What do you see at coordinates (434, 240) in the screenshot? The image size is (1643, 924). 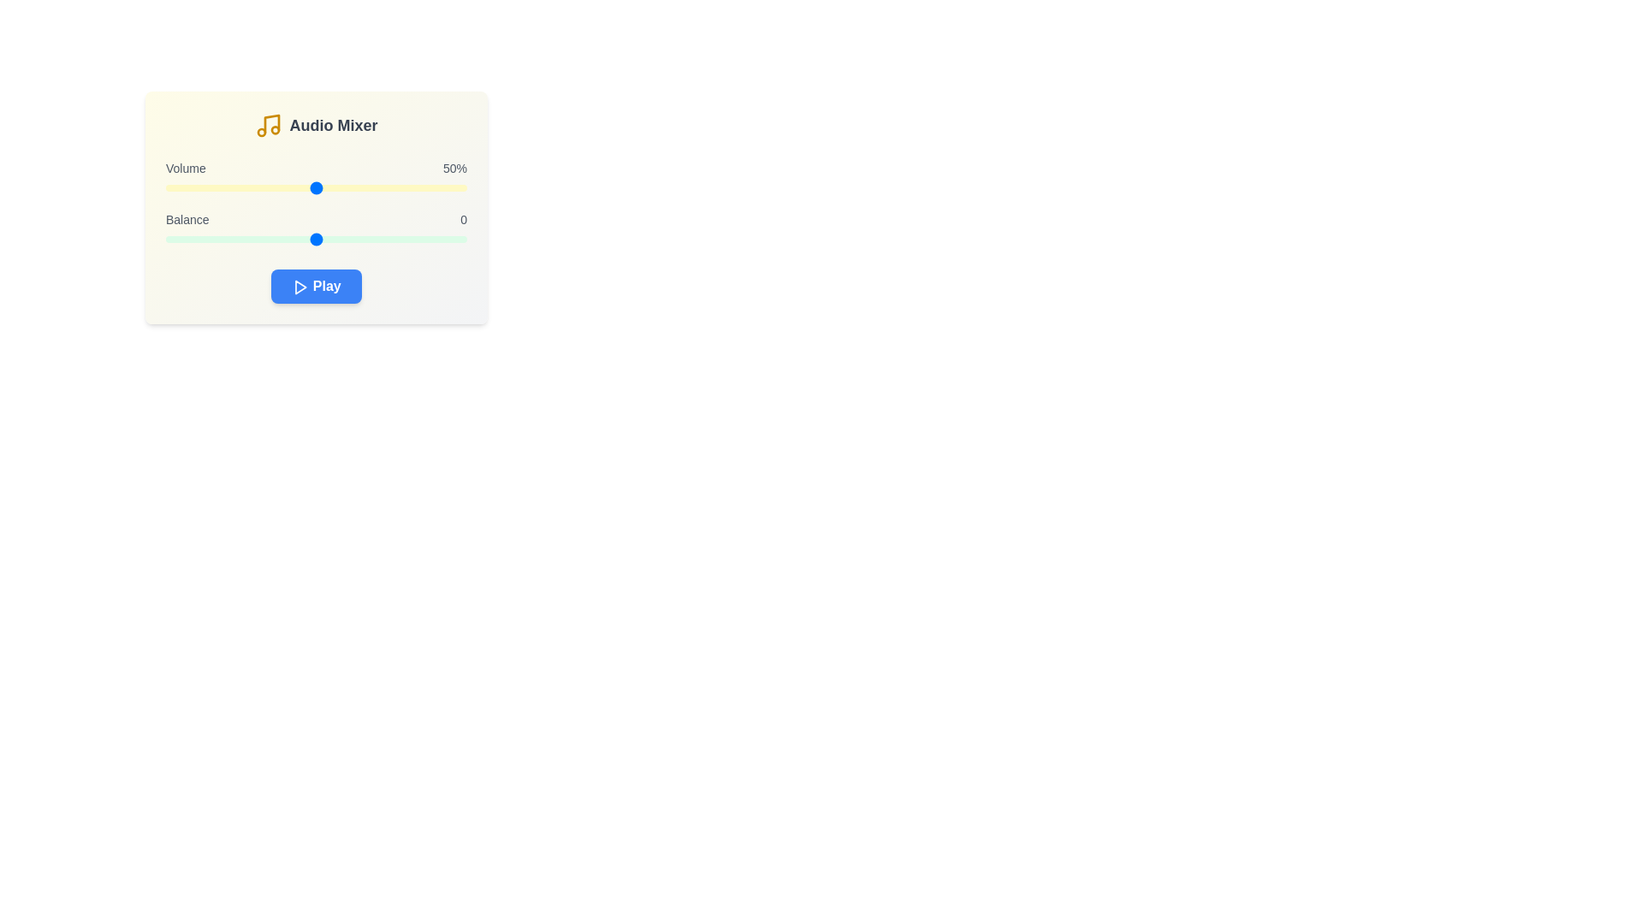 I see `balance` at bounding box center [434, 240].